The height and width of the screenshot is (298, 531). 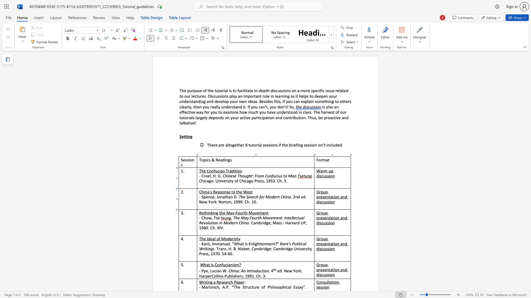 What do you see at coordinates (222, 212) in the screenshot?
I see `the 2th character "h" in the text` at bounding box center [222, 212].